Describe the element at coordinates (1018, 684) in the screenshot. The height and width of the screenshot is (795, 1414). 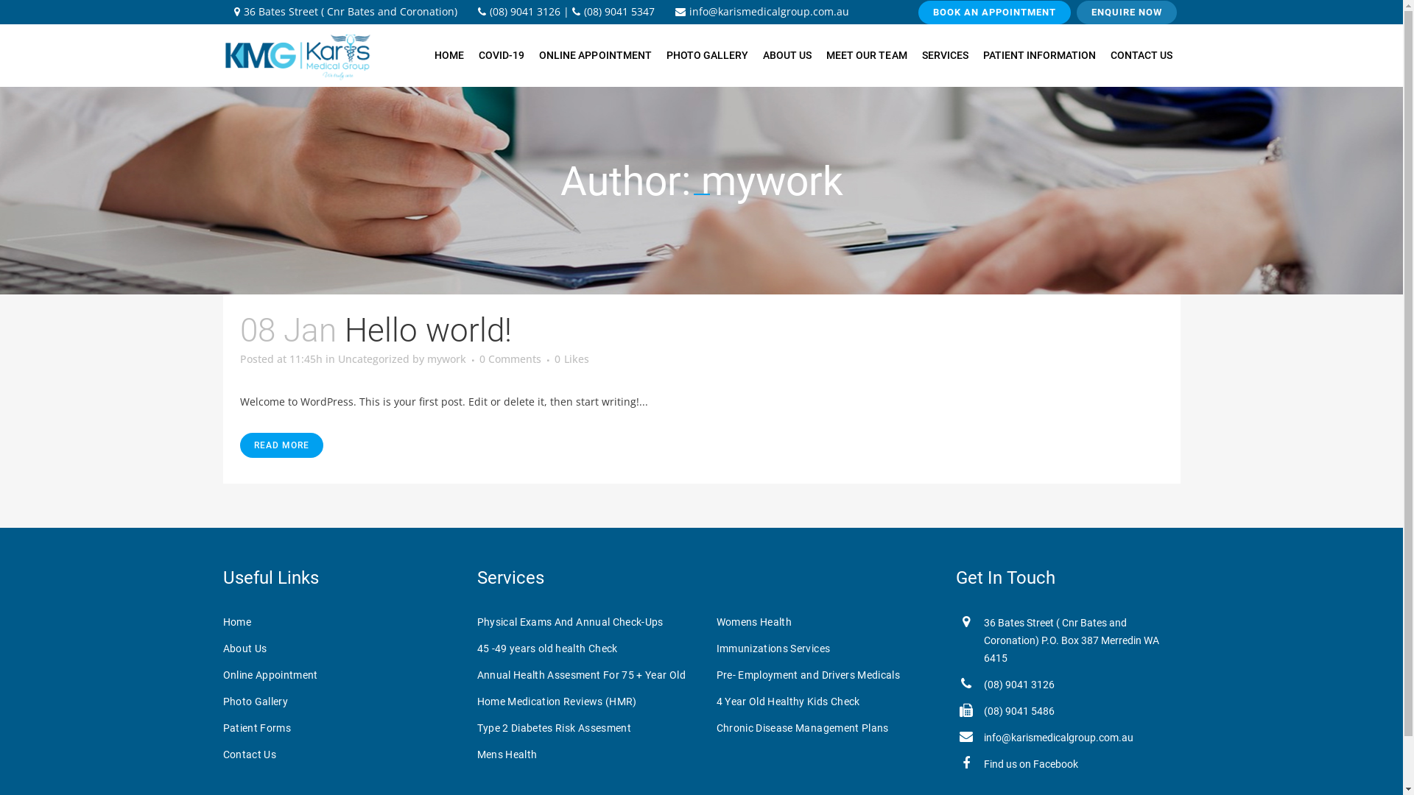
I see `'(08) 9041 3126'` at that location.